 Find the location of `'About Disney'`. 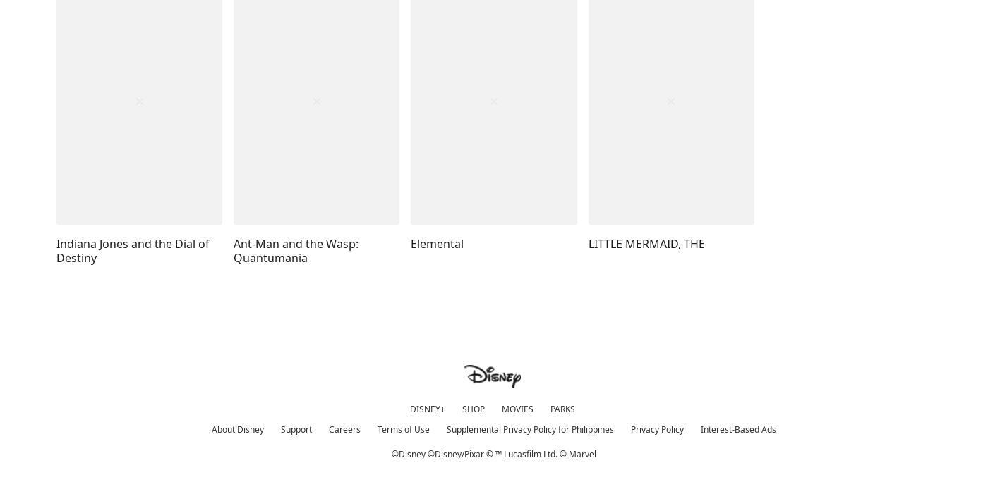

'About Disney' is located at coordinates (237, 428).